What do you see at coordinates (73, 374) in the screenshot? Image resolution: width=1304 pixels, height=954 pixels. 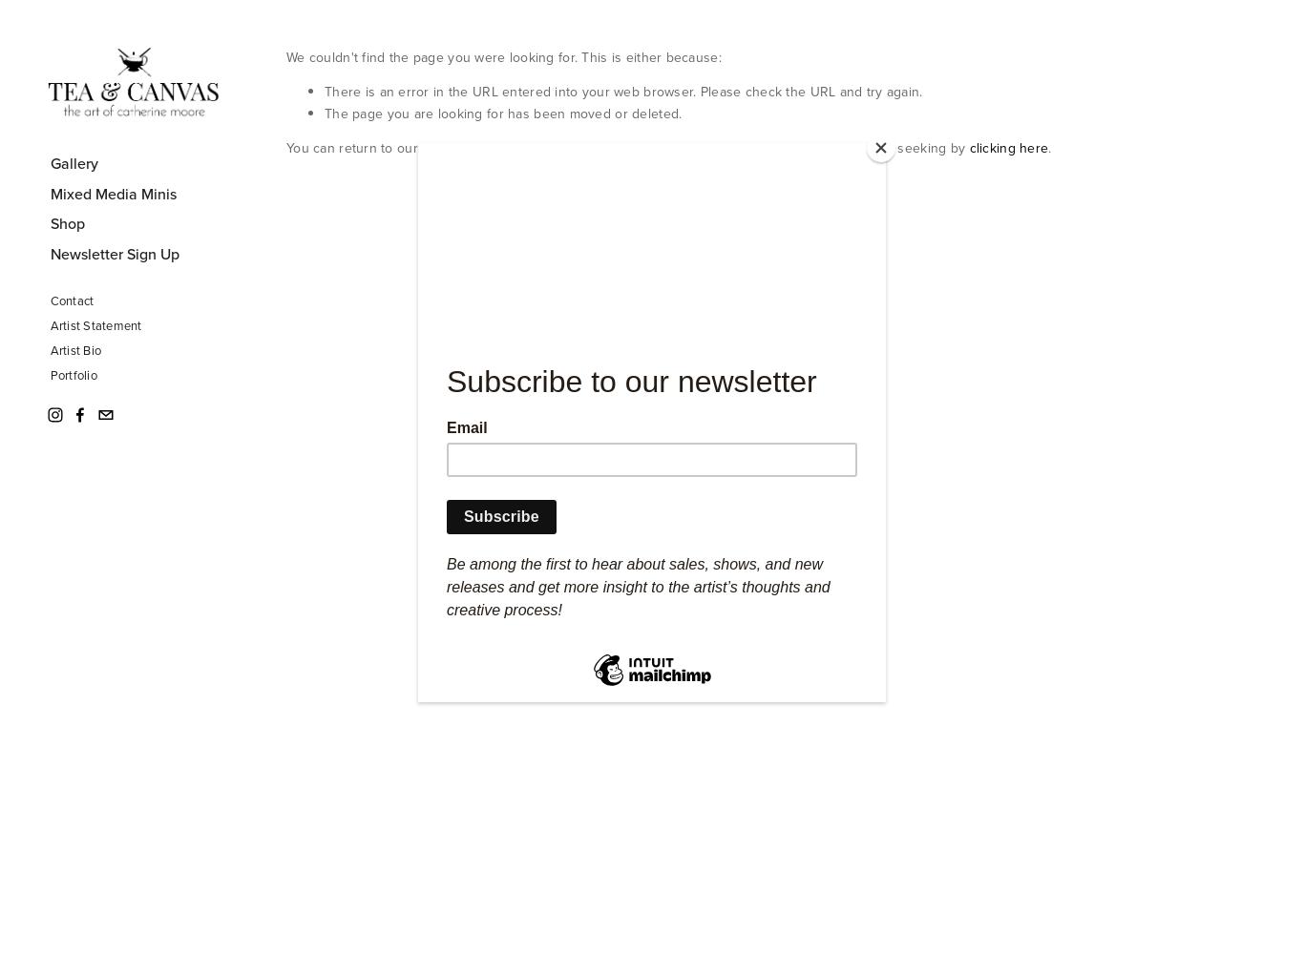 I see `'Portfolio'` at bounding box center [73, 374].